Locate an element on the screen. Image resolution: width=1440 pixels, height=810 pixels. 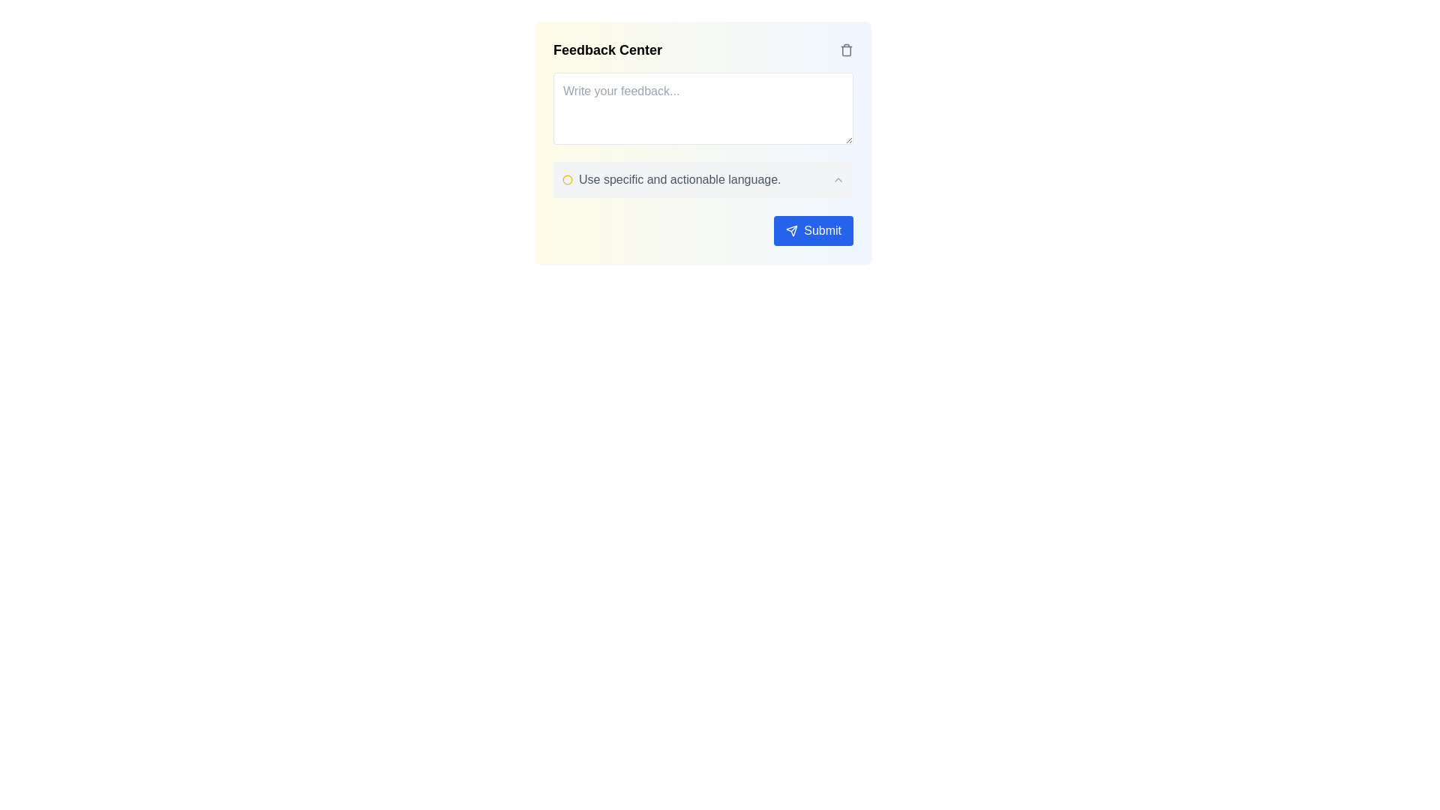
the instructional label with the message 'Use specific and actionable language.' which includes a yellow circle icon and is located below the feedback text area is located at coordinates (670, 178).